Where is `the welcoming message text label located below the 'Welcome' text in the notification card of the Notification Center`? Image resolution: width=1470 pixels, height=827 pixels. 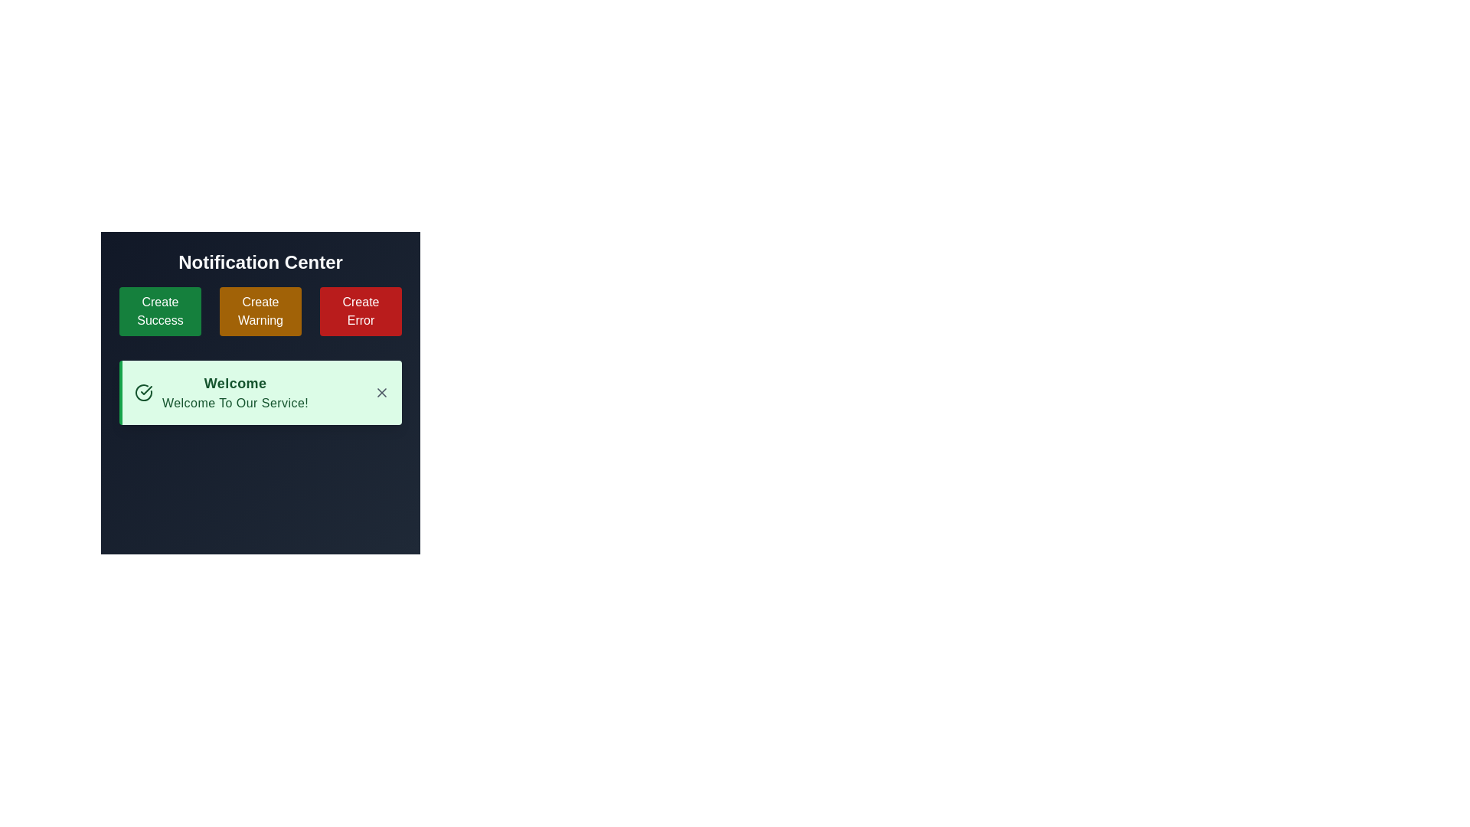 the welcoming message text label located below the 'Welcome' text in the notification card of the Notification Center is located at coordinates (234, 403).